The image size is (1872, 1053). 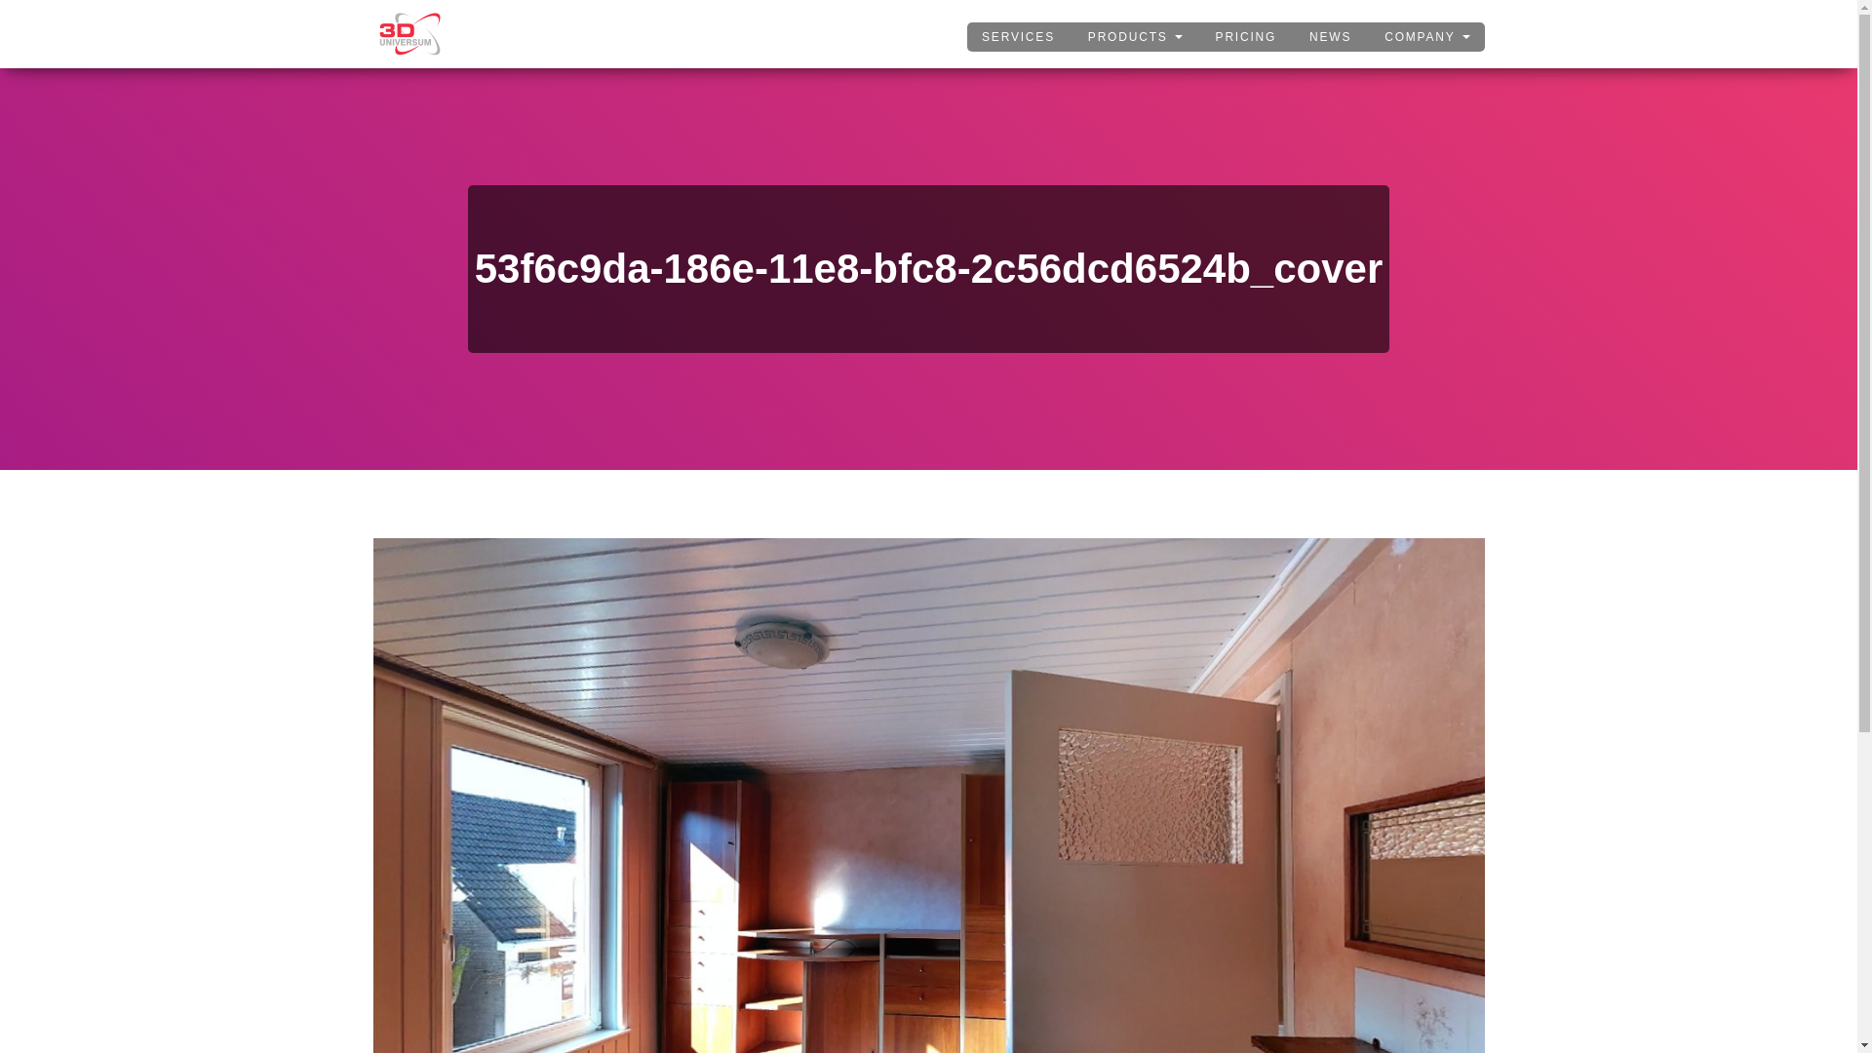 What do you see at coordinates (1369, 36) in the screenshot?
I see `'COMPANY'` at bounding box center [1369, 36].